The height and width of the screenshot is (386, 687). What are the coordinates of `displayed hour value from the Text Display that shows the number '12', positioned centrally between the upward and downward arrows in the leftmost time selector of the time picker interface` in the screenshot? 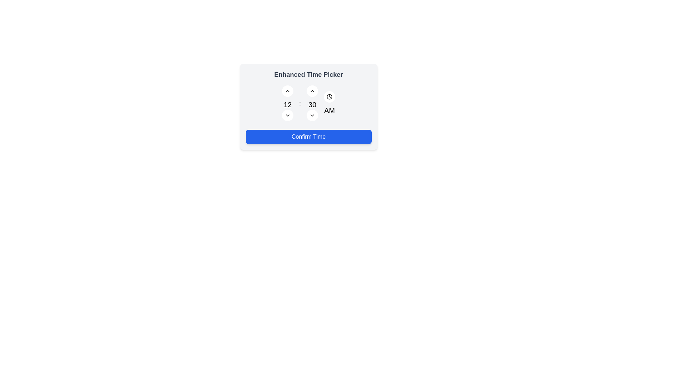 It's located at (287, 103).